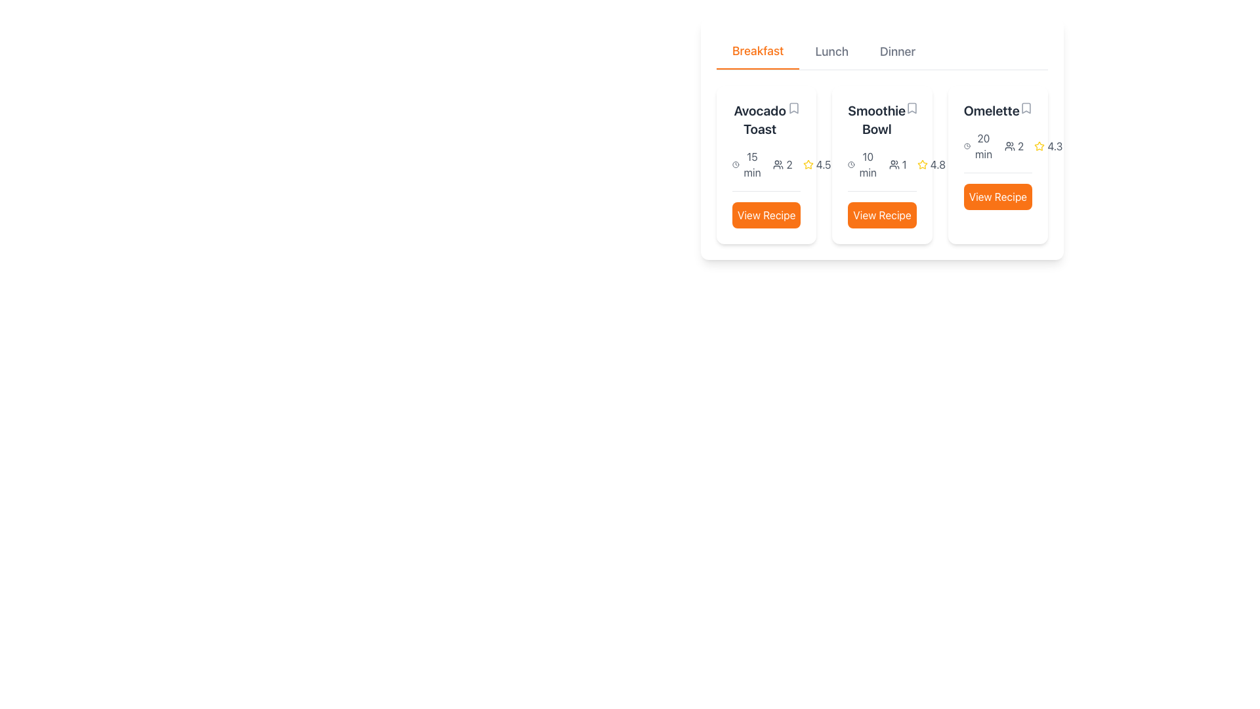 This screenshot has height=709, width=1260. What do you see at coordinates (882, 51) in the screenshot?
I see `the 'Dinner' navigation tab to filter dinner items from the meal options panel, which consists of three tabs: 'Breakfast', 'Lunch', and 'Dinner' with 'Breakfast' currently active` at bounding box center [882, 51].